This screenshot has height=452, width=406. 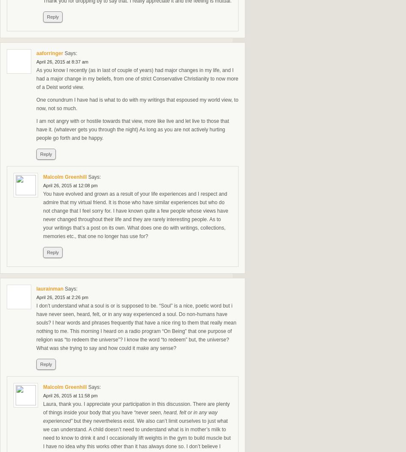 I want to click on 'aaforringer', so click(x=49, y=53).